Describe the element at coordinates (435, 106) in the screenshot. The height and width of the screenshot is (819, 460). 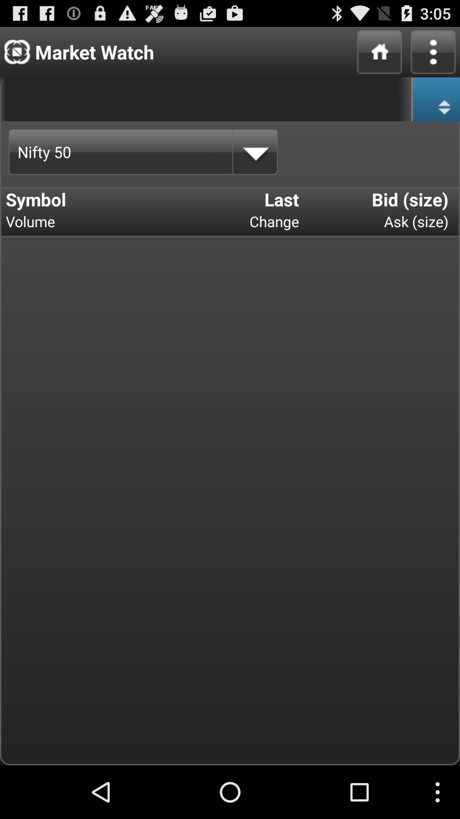
I see `the compare icon` at that location.